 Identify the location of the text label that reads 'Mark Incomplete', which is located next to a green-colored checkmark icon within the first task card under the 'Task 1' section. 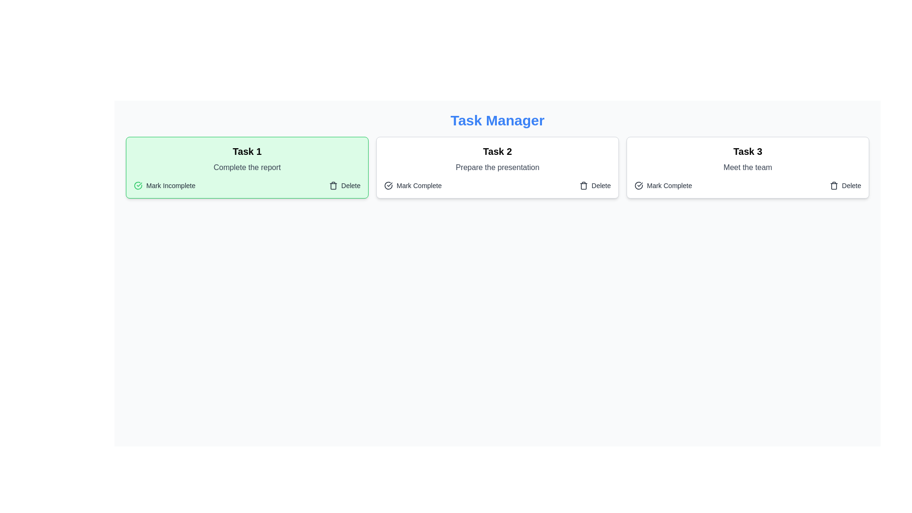
(171, 185).